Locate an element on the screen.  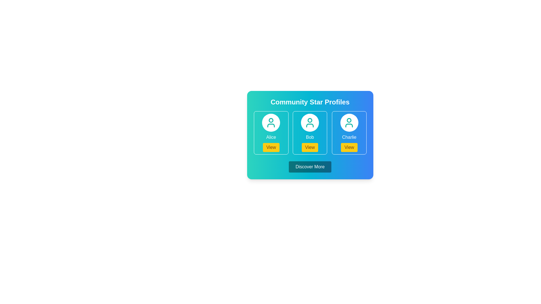
the non-interactive text label displaying the name 'Charlie', which is located directly above the yellow 'View' button in the rightmost column of a three-column grid layout is located at coordinates (349, 137).